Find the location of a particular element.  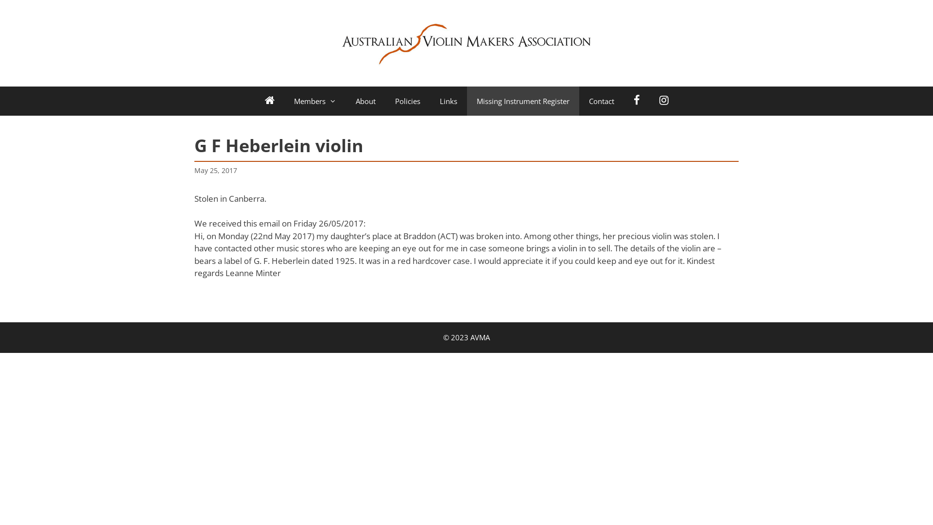

'May 25, 2017' is located at coordinates (215, 170).